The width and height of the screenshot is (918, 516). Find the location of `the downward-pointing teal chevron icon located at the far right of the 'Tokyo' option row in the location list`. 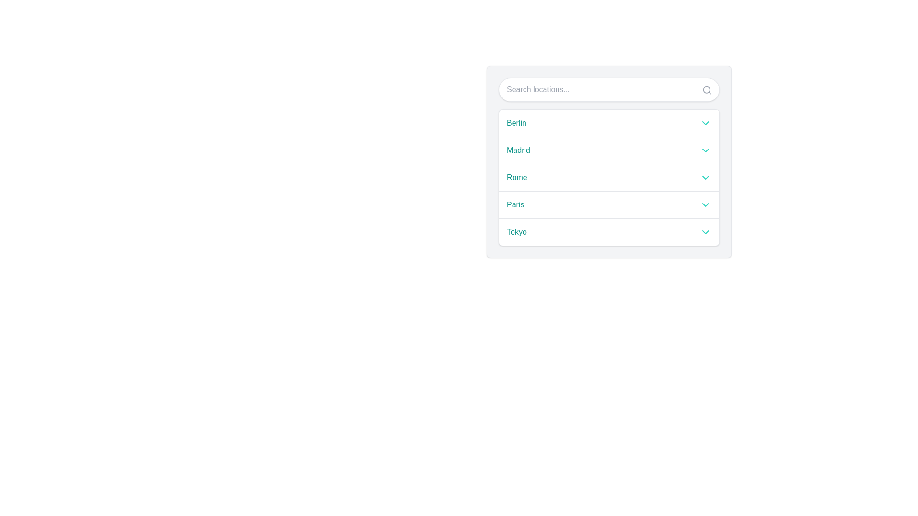

the downward-pointing teal chevron icon located at the far right of the 'Tokyo' option row in the location list is located at coordinates (706, 232).